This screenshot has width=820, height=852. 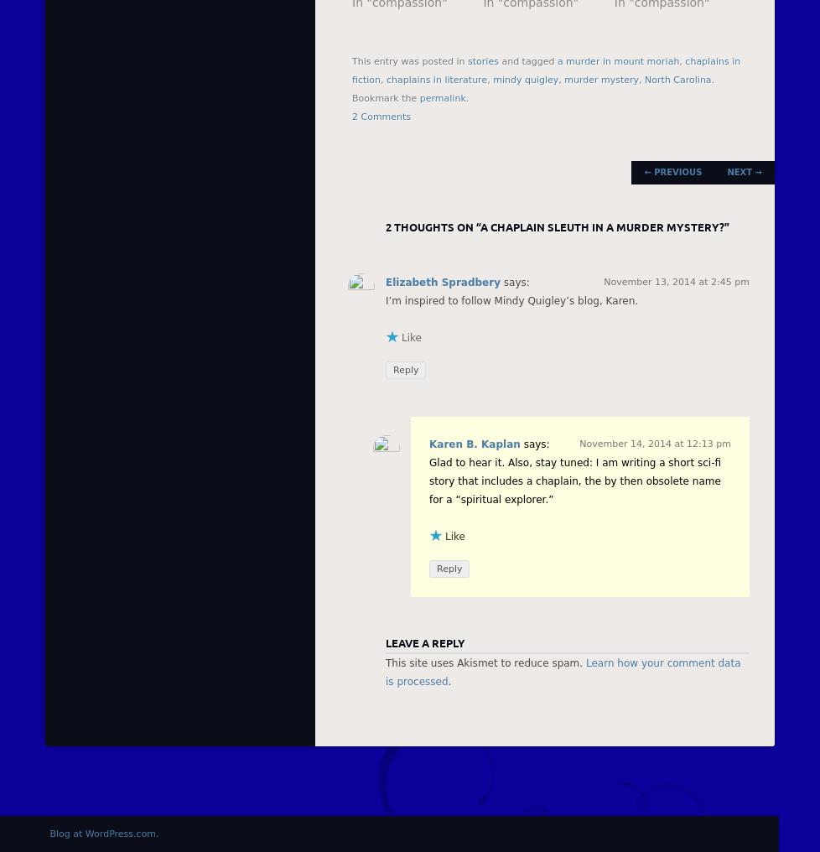 I want to click on 'mindy quigley', so click(x=525, y=80).